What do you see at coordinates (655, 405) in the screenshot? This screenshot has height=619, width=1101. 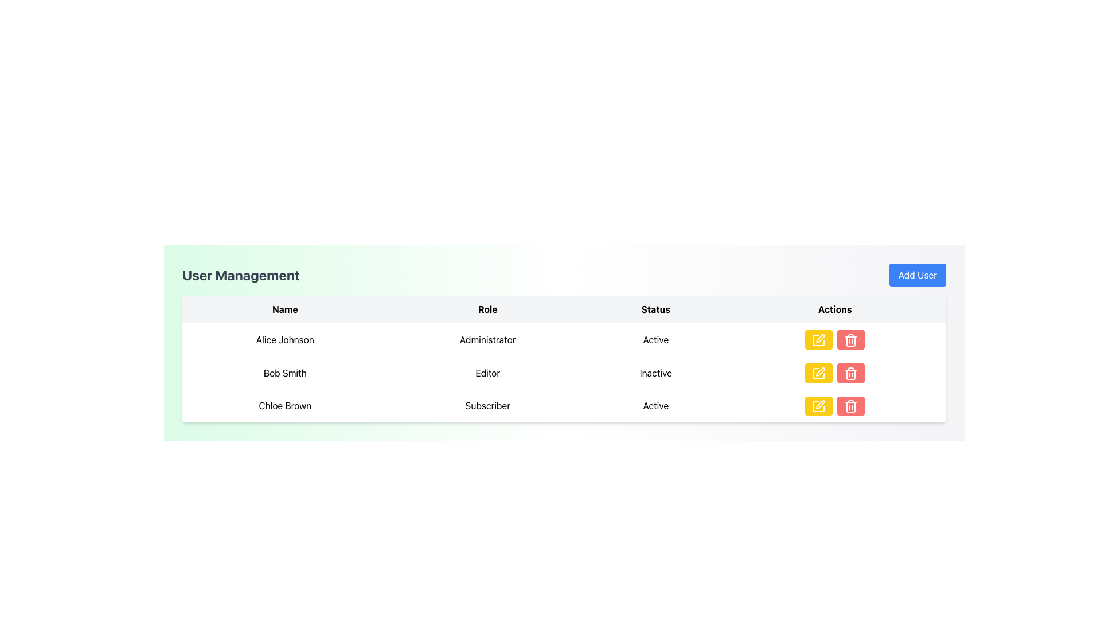 I see `the 'Active' label in the third column of the third row under the 'Status' header, which is styled with center-aligned text and moderate padding` at bounding box center [655, 405].